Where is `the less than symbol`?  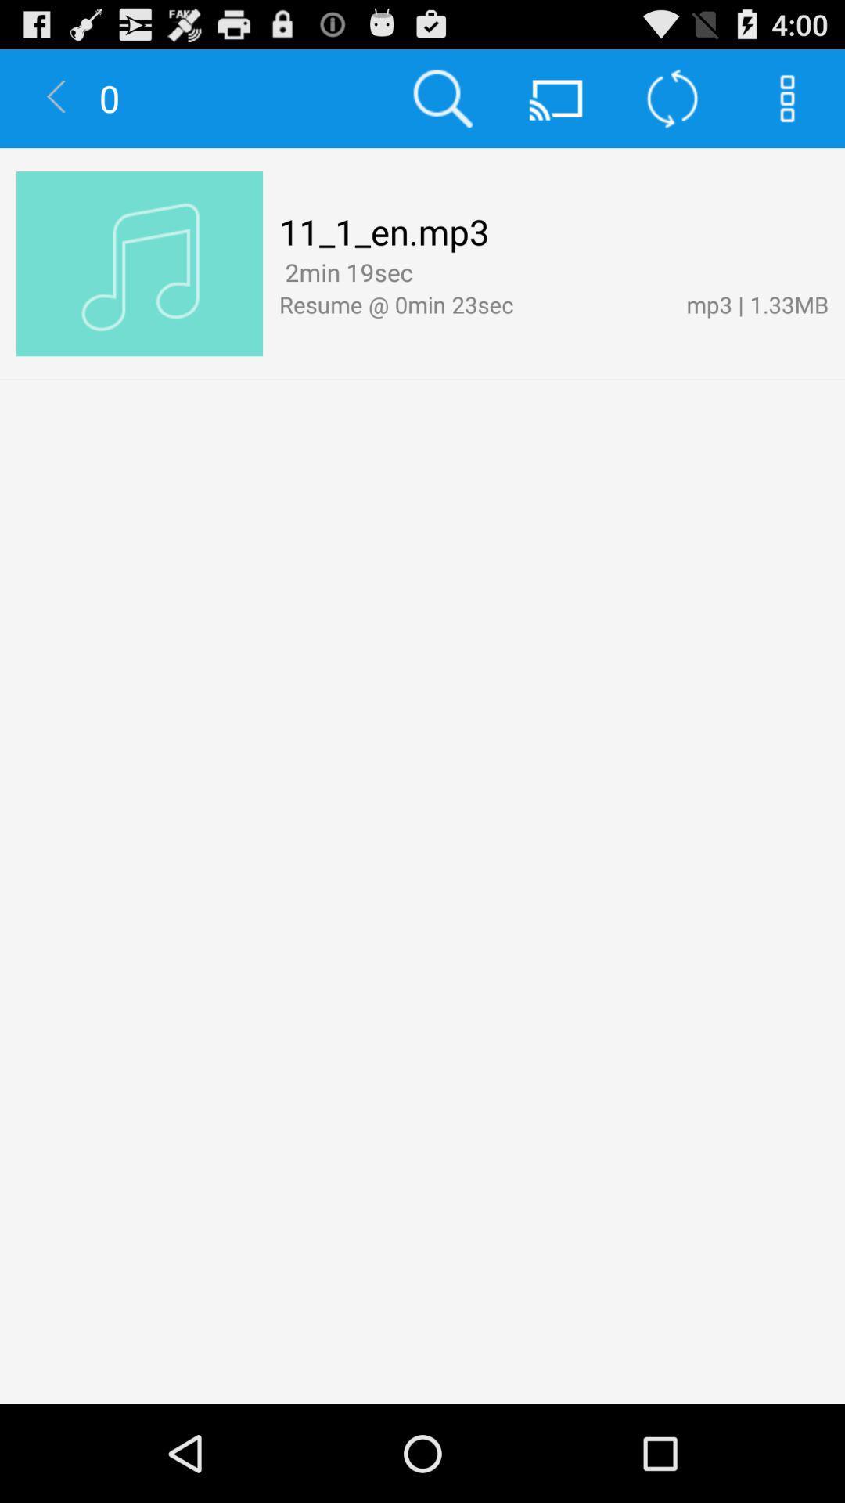 the less than symbol is located at coordinates (56, 97).